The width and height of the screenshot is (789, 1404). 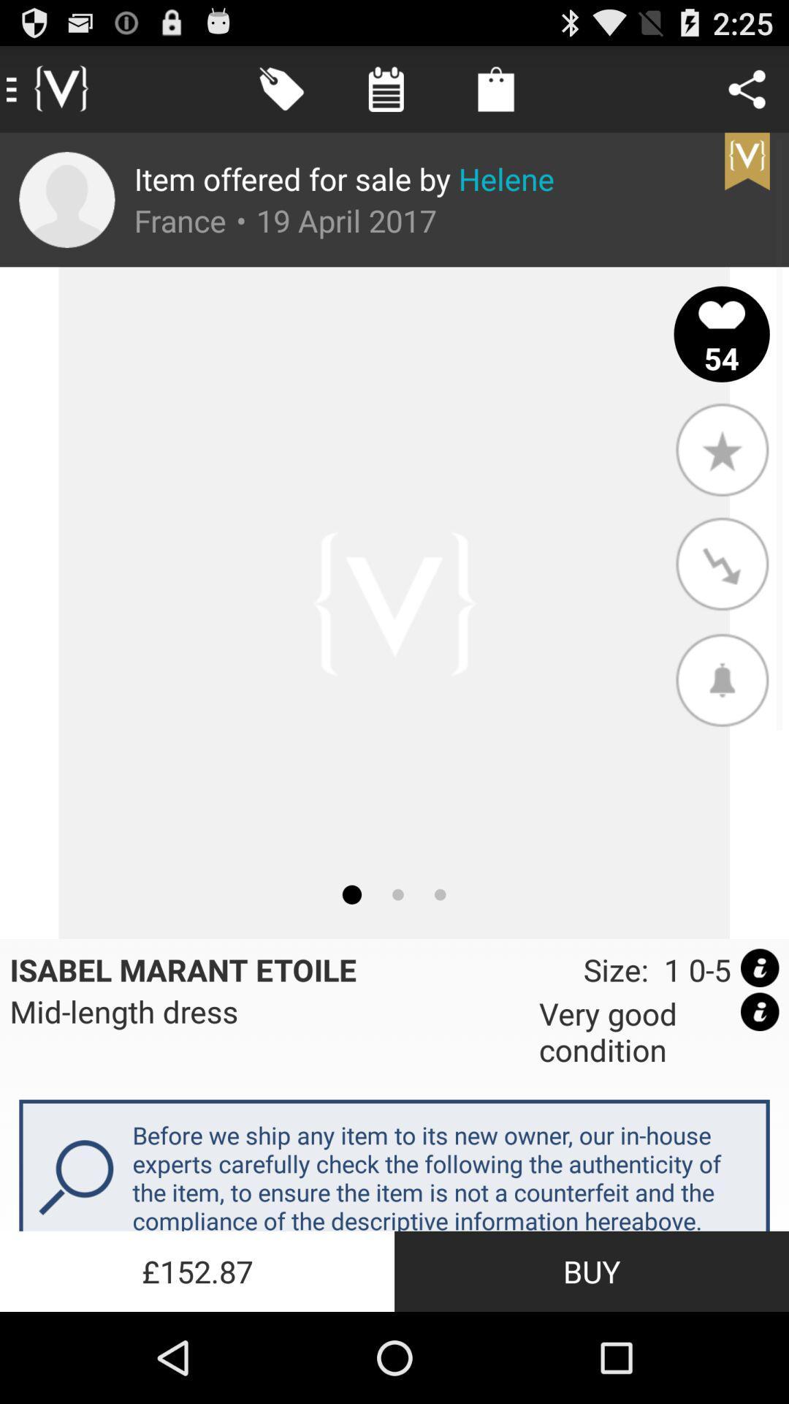 I want to click on item above size 1 0, so click(x=721, y=679).